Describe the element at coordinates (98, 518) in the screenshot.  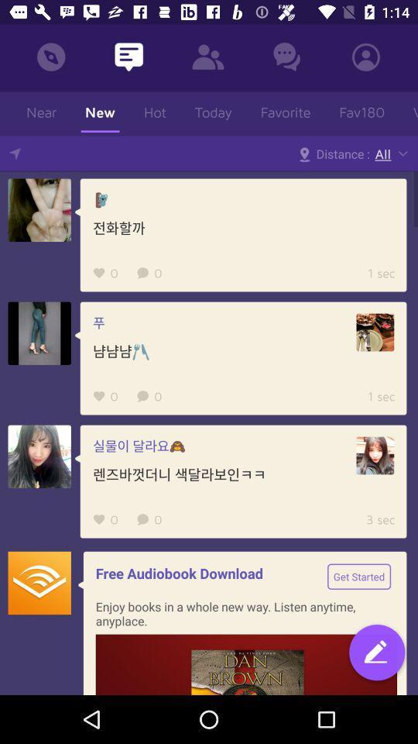
I see `the favorite icon from the last but one row` at that location.